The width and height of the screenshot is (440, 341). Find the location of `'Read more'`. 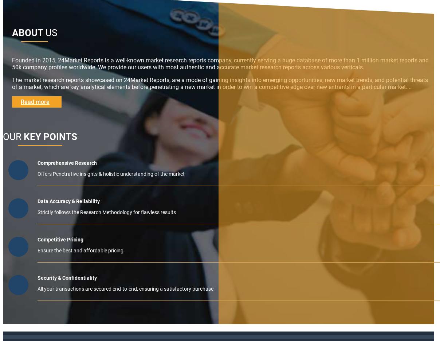

'Read more' is located at coordinates (35, 101).